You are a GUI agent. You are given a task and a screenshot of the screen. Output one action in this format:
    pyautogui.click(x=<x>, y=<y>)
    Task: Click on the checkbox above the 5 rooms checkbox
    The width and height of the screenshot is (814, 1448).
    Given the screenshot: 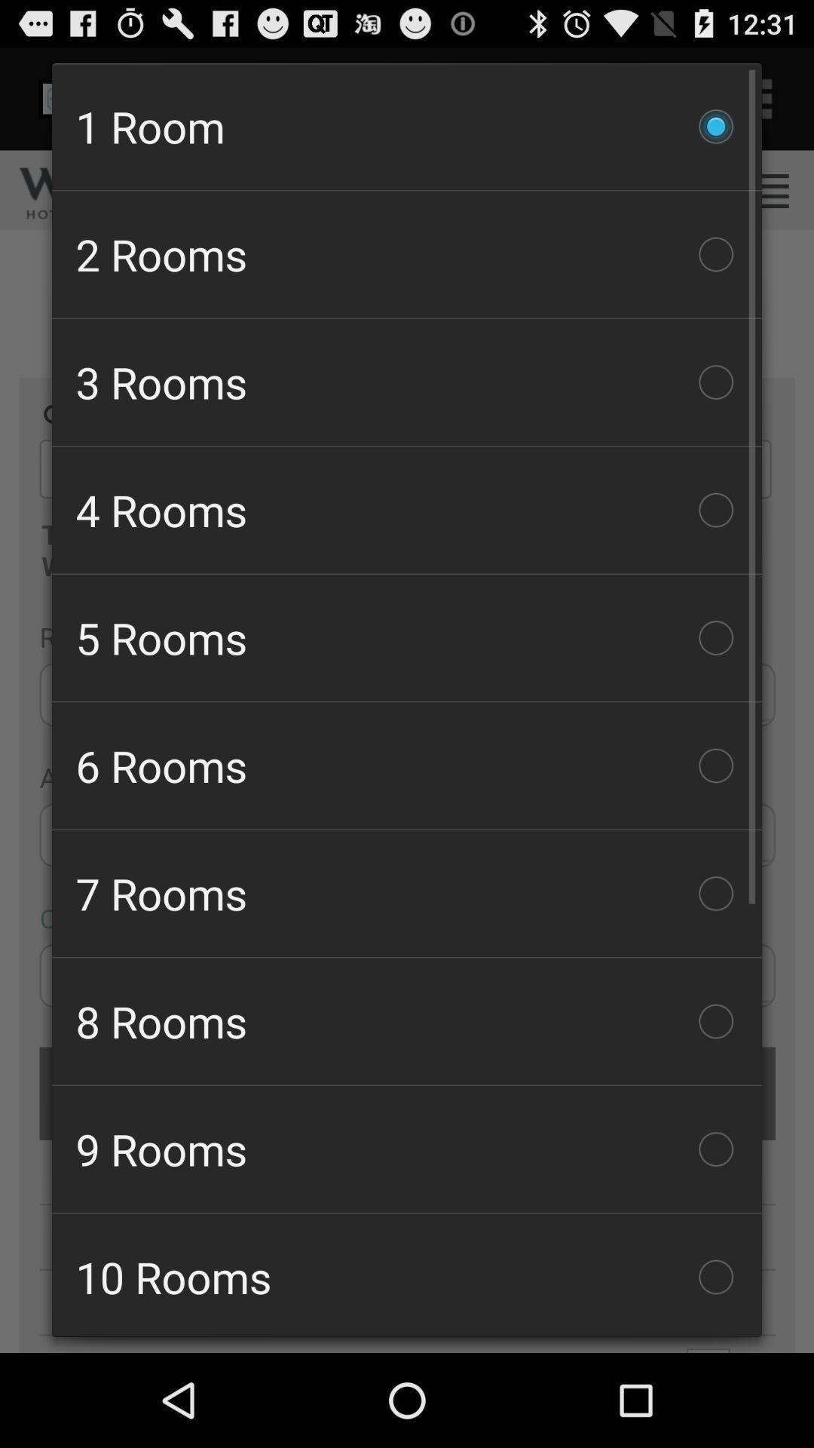 What is the action you would take?
    pyautogui.click(x=407, y=510)
    